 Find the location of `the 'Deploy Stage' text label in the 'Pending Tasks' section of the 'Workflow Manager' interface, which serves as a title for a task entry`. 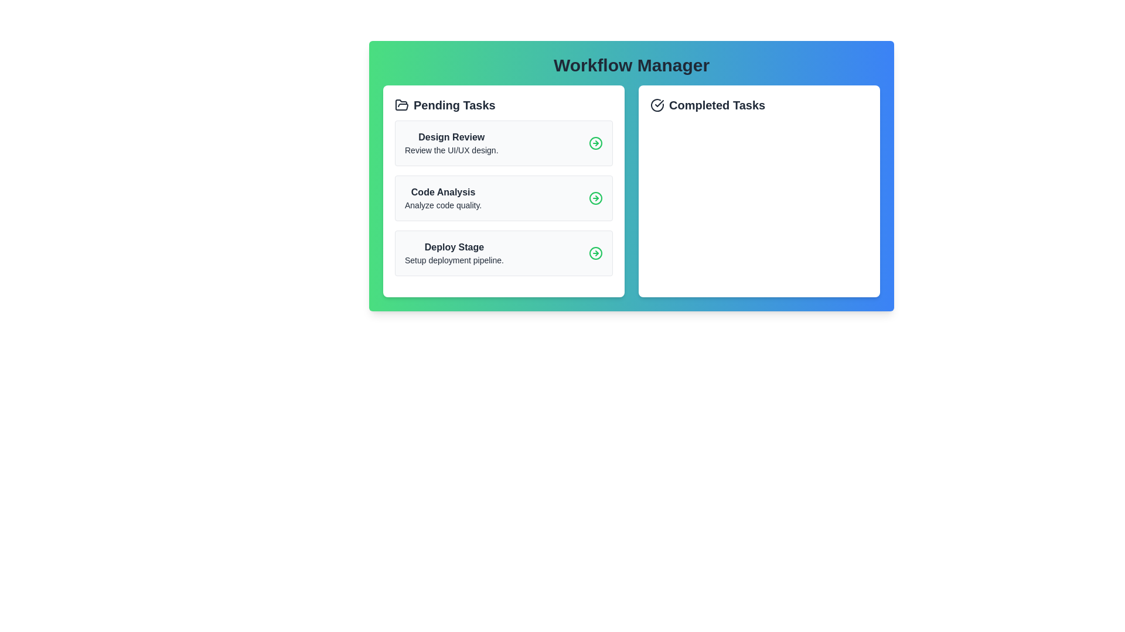

the 'Deploy Stage' text label in the 'Pending Tasks' section of the 'Workflow Manager' interface, which serves as a title for a task entry is located at coordinates (454, 247).